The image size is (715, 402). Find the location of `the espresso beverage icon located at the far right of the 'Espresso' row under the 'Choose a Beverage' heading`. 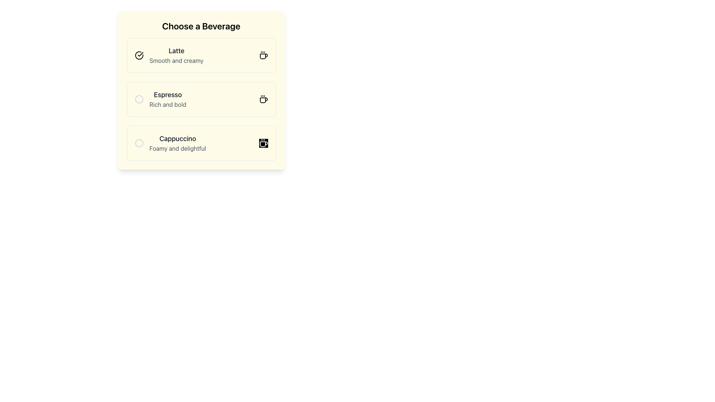

the espresso beverage icon located at the far right of the 'Espresso' row under the 'Choose a Beverage' heading is located at coordinates (264, 100).